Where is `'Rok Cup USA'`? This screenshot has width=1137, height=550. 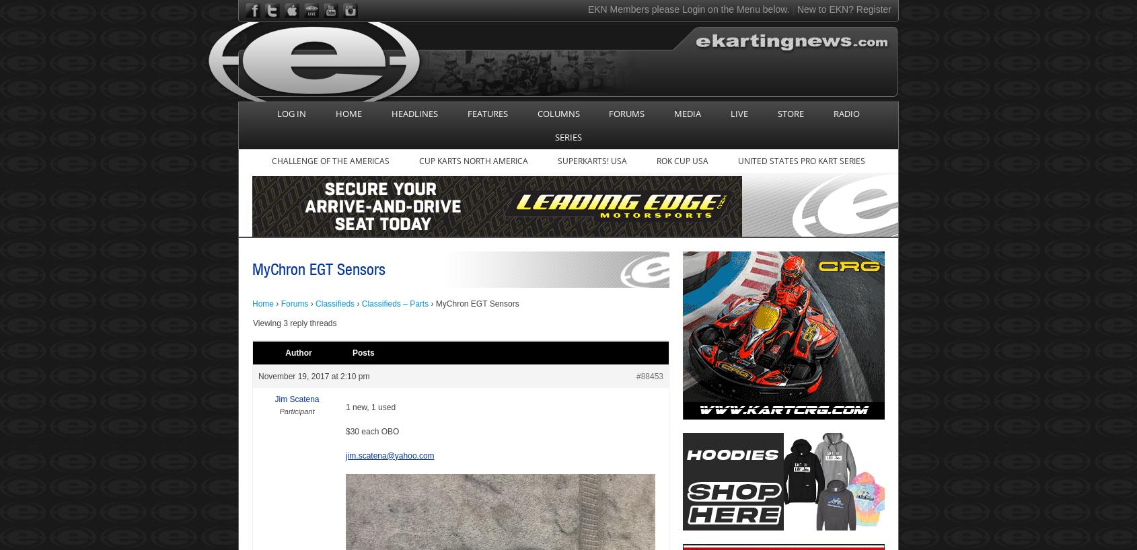 'Rok Cup USA' is located at coordinates (682, 161).